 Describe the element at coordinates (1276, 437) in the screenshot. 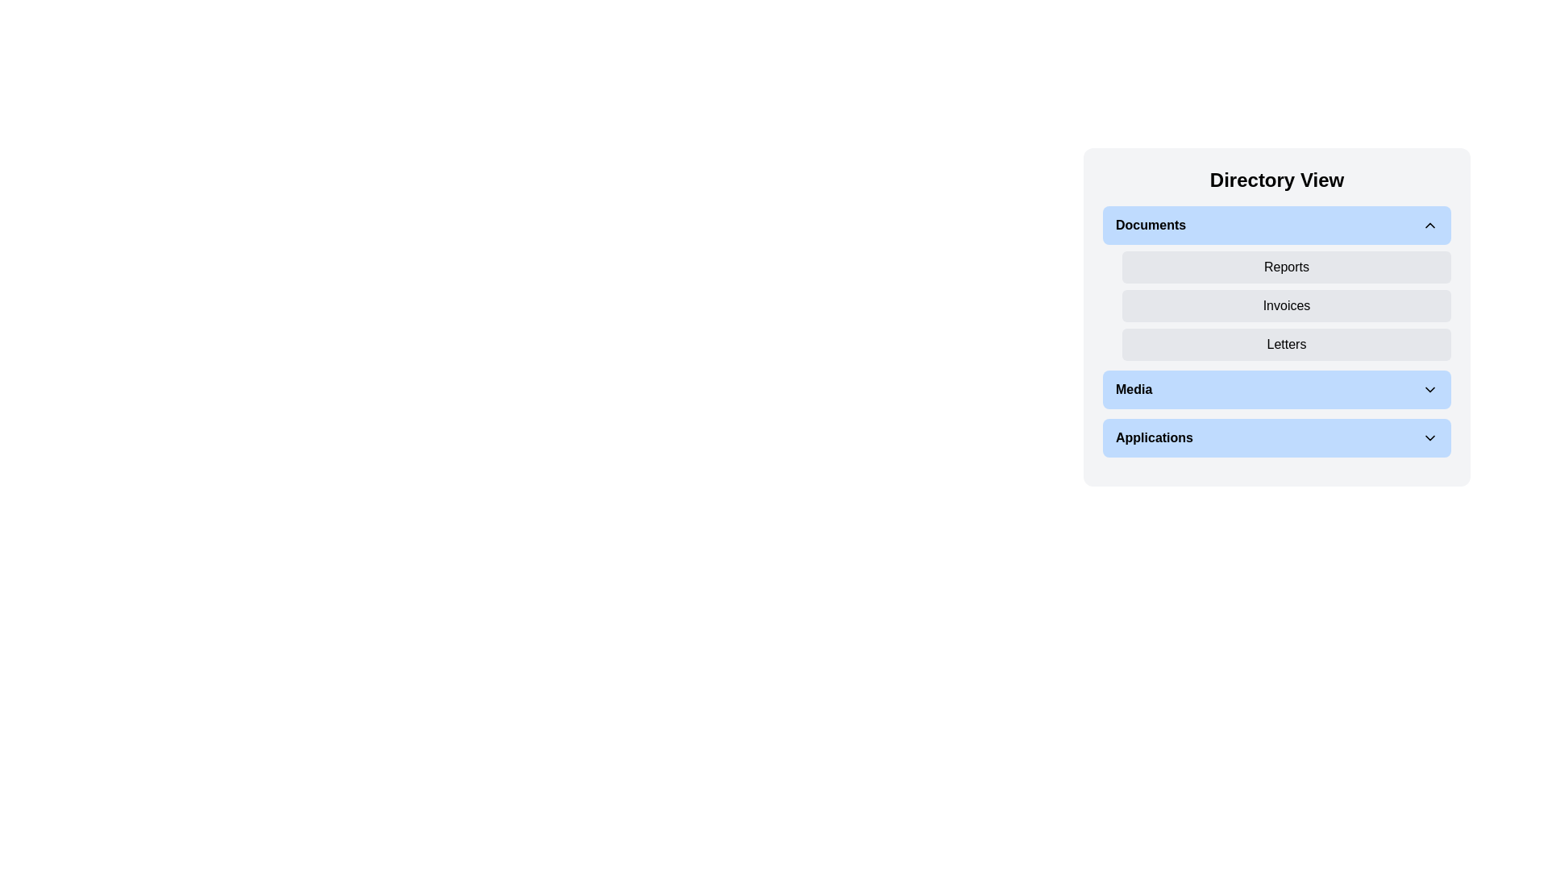

I see `the 'Applications' dropdown toggle button` at that location.